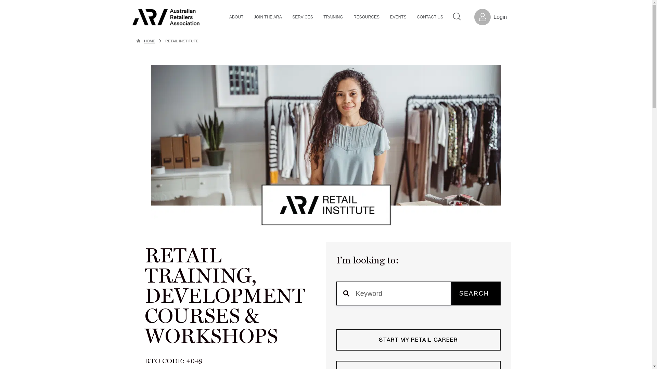 Image resolution: width=657 pixels, height=369 pixels. Describe the element at coordinates (144, 41) in the screenshot. I see `'HOME'` at that location.